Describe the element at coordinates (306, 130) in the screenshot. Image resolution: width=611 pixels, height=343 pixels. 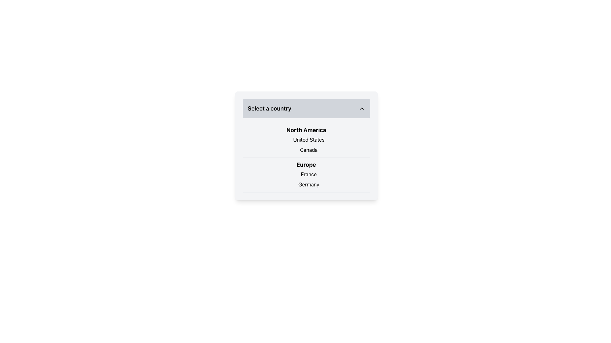
I see `the 'North America' text label, which is styled with bold black font and larger than surrounding elements, located in the dropdown menu under 'Select a country'` at that location.